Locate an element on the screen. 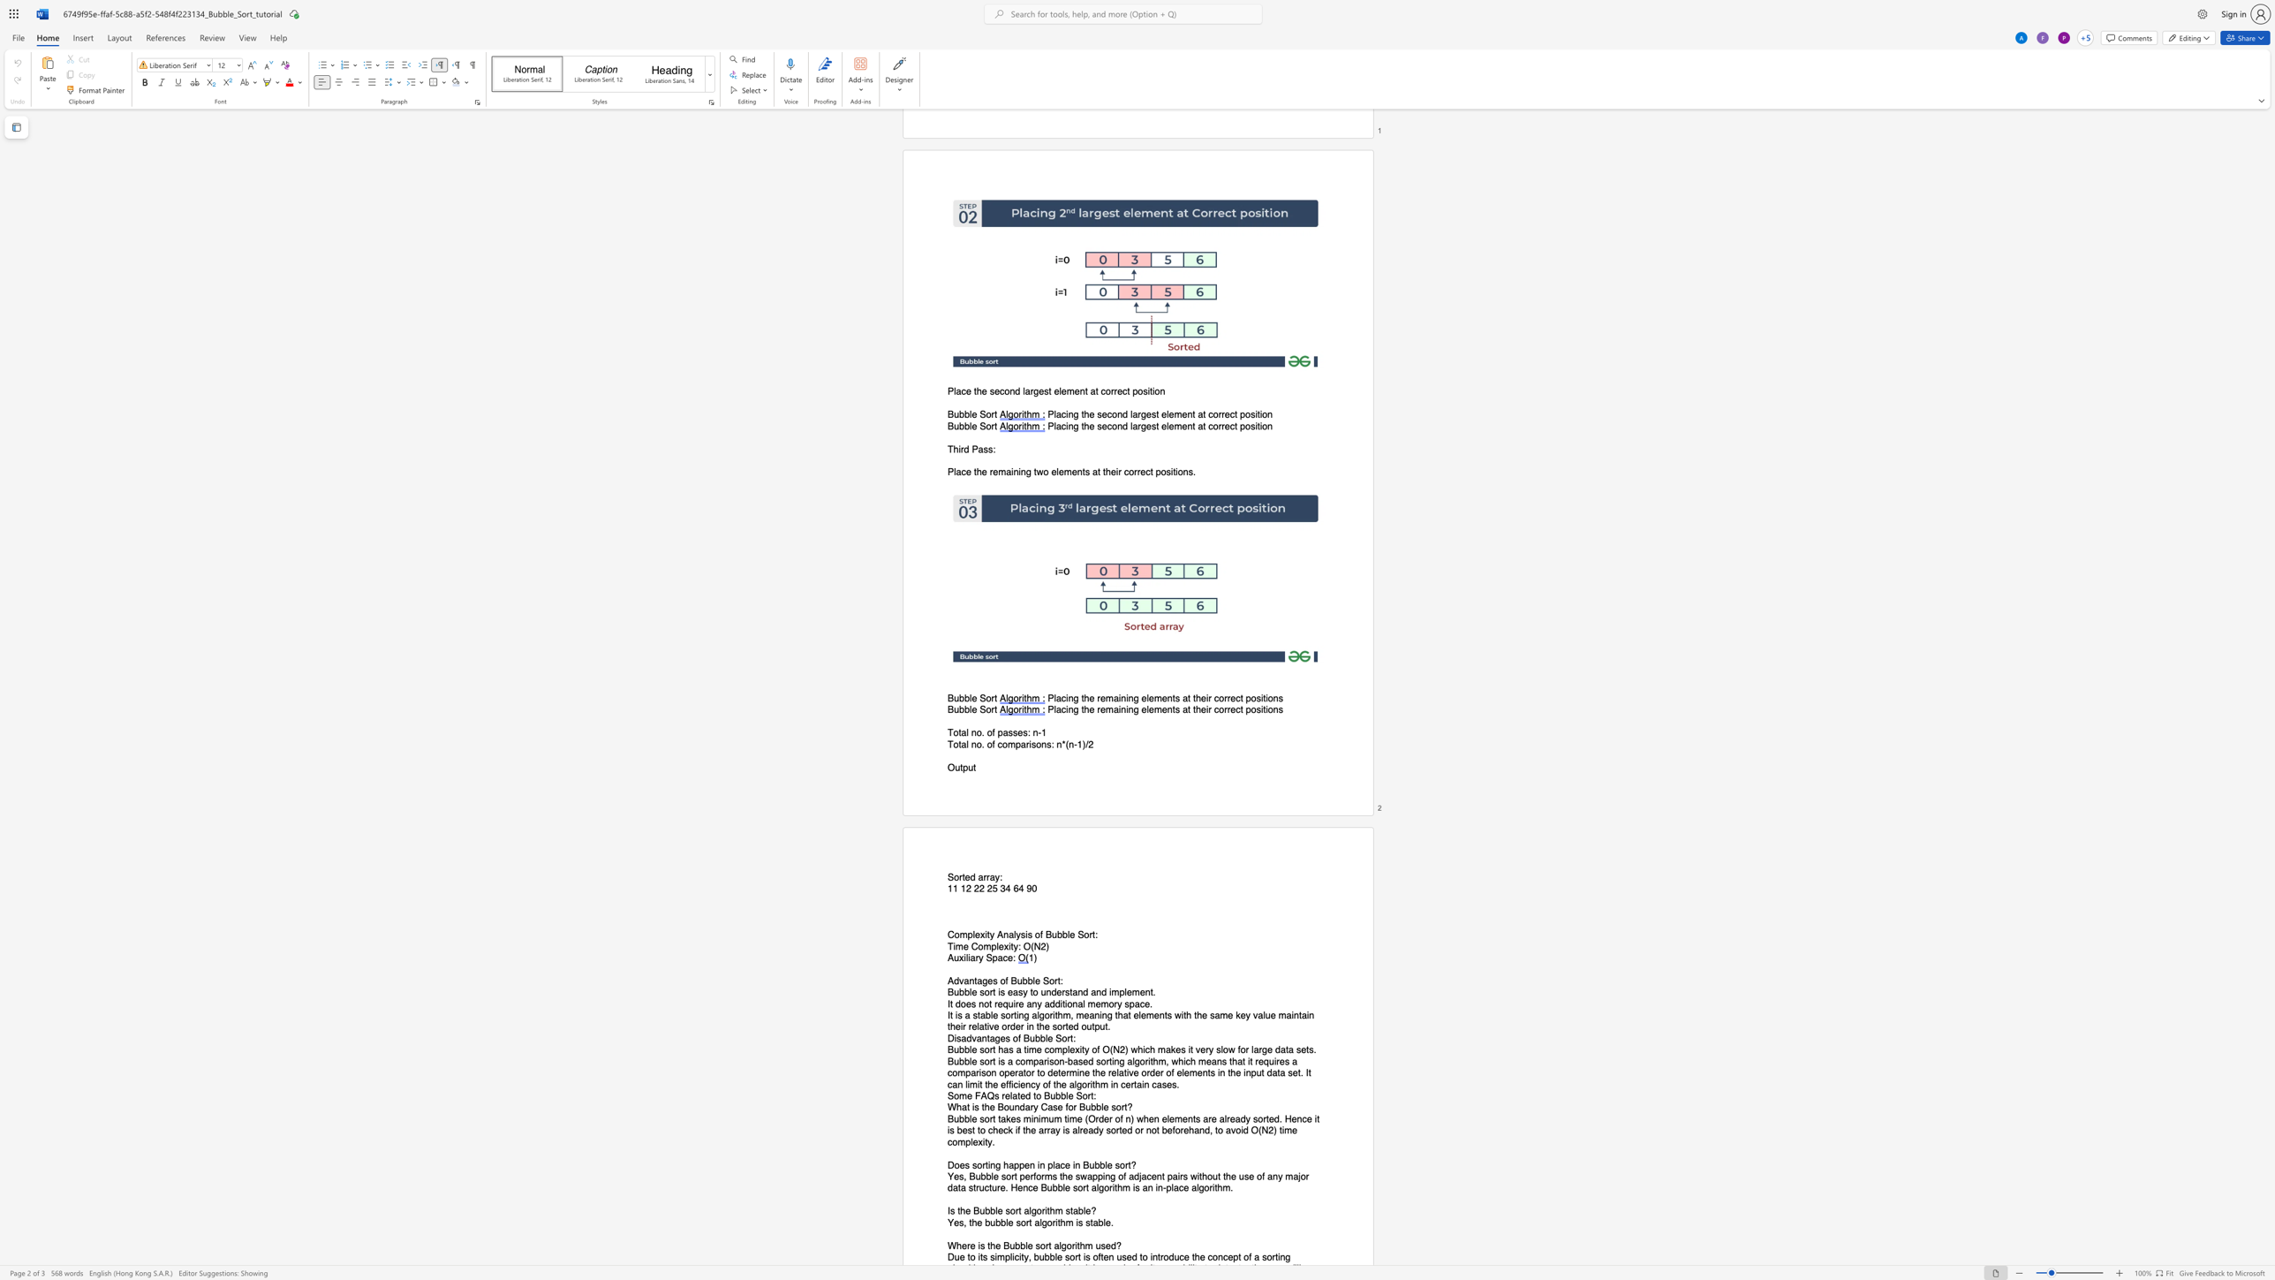  the 1th character "r" in the text is located at coordinates (1031, 1107).